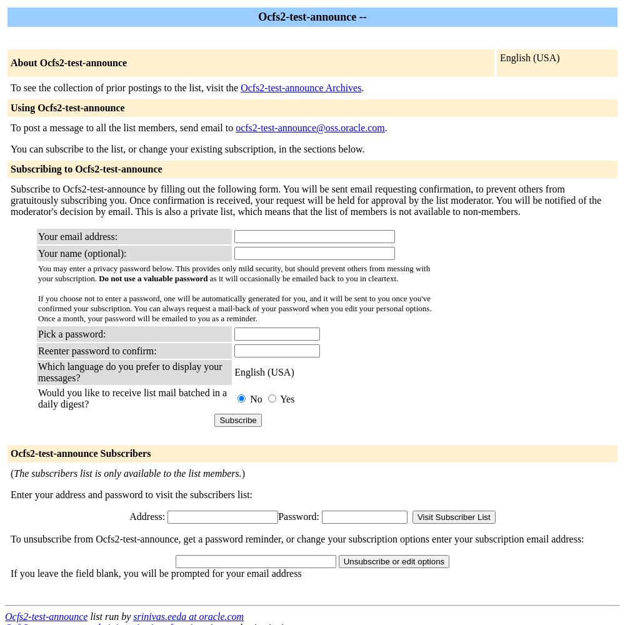 Image resolution: width=625 pixels, height=625 pixels. Describe the element at coordinates (311, 17) in the screenshot. I see `'Ocfs2-test-announce --'` at that location.